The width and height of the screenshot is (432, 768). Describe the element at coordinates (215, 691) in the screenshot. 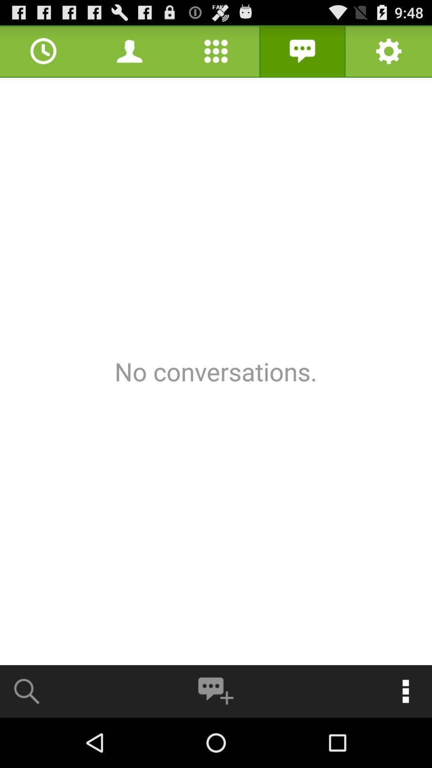

I see `start new conversation` at that location.